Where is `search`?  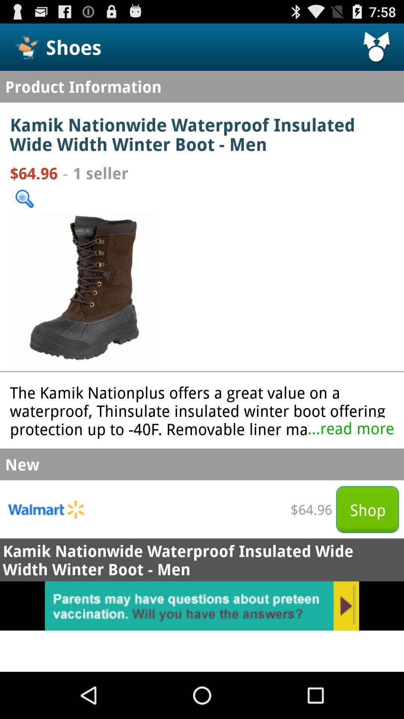
search is located at coordinates (24, 199).